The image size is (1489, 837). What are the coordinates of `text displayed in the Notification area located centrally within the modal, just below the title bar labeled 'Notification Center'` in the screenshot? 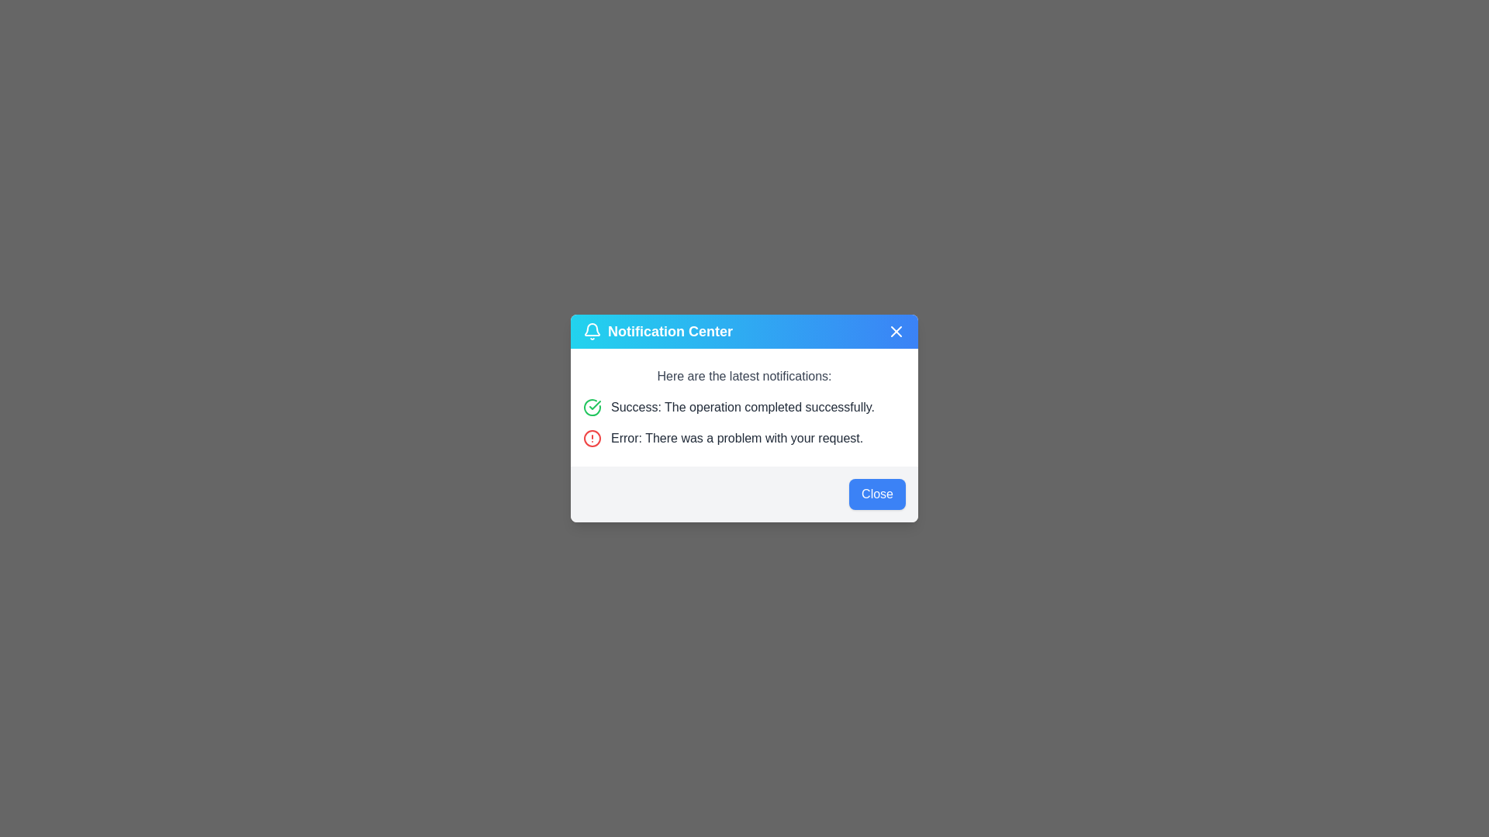 It's located at (744, 406).